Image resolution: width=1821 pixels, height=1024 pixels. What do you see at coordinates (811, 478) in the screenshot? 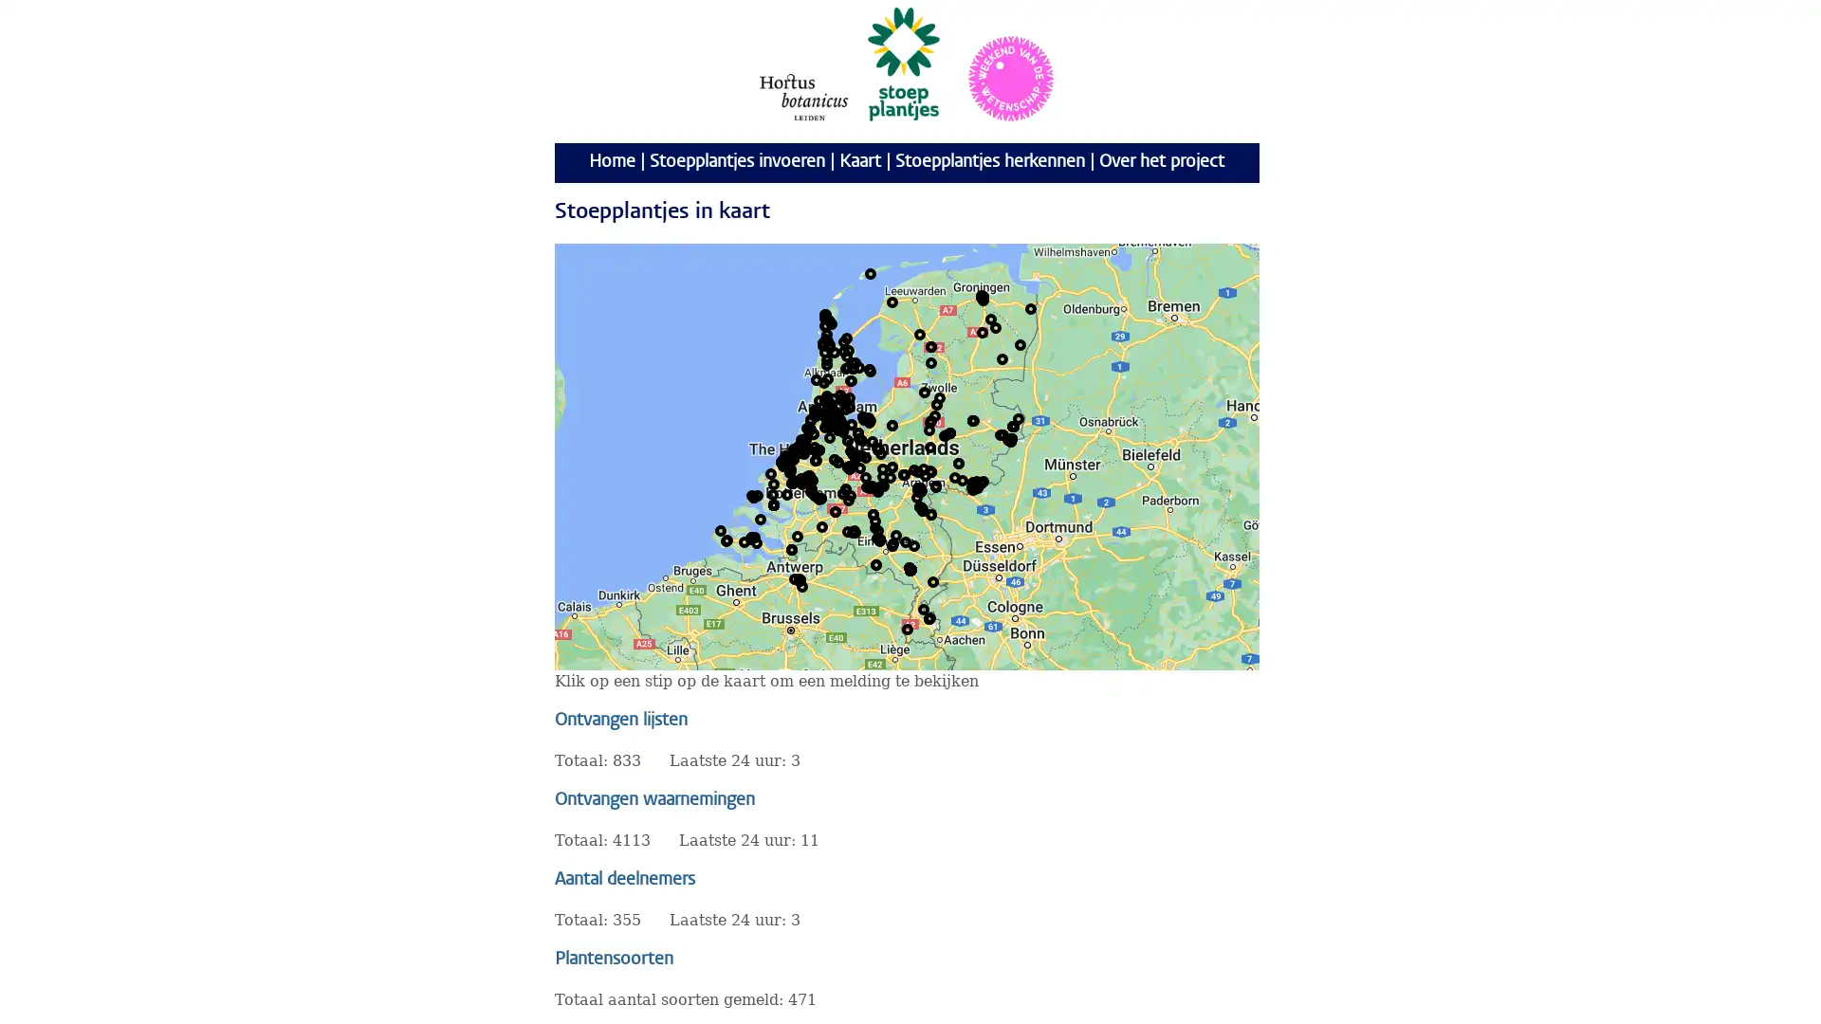
I see `Telling van Willem Harm op 12 november 2021` at bounding box center [811, 478].